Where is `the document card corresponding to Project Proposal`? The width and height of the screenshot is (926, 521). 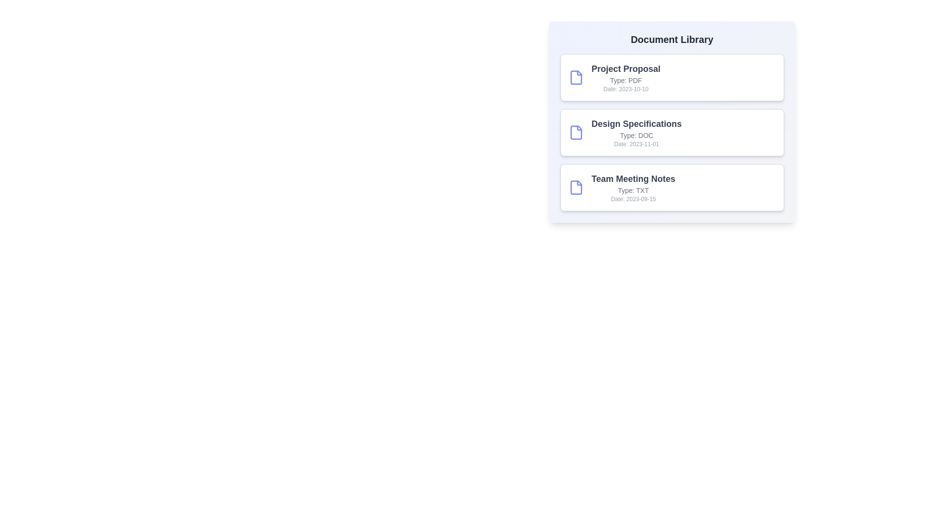 the document card corresponding to Project Proposal is located at coordinates (671, 77).